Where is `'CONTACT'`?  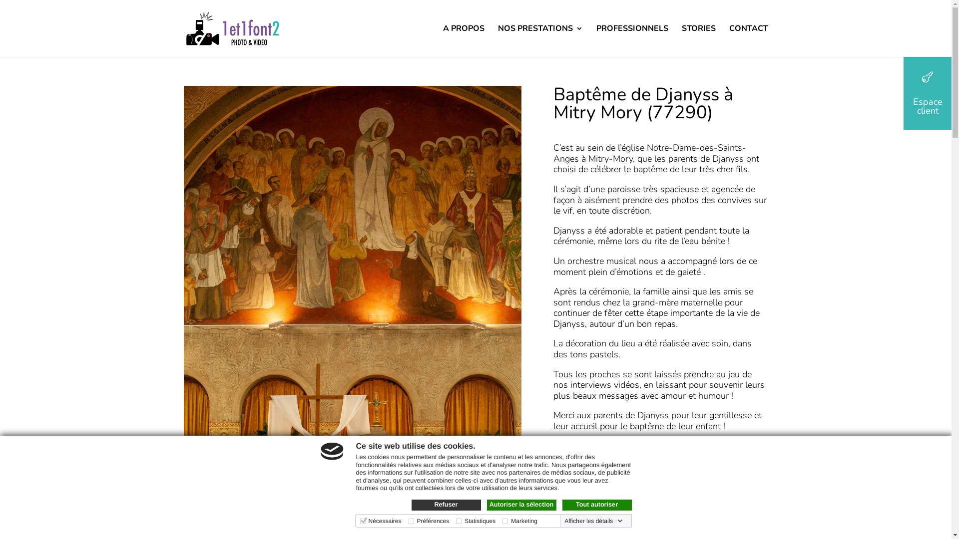 'CONTACT' is located at coordinates (748, 40).